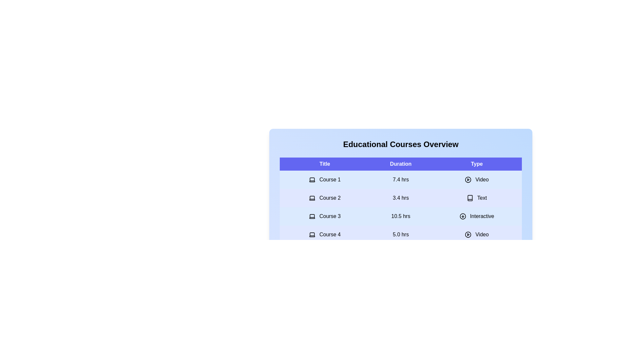  What do you see at coordinates (468, 234) in the screenshot?
I see `the type icon for the course with title 'Course 4'` at bounding box center [468, 234].